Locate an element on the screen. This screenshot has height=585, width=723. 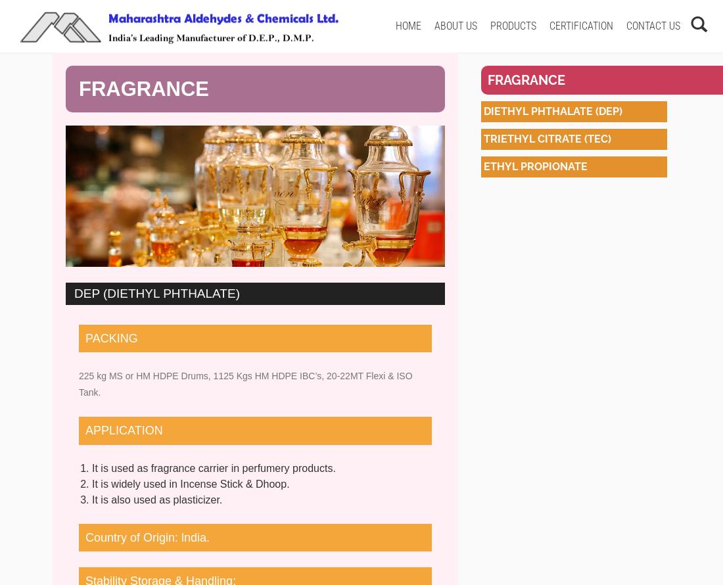
'FRAGRANCE' is located at coordinates (79, 88).